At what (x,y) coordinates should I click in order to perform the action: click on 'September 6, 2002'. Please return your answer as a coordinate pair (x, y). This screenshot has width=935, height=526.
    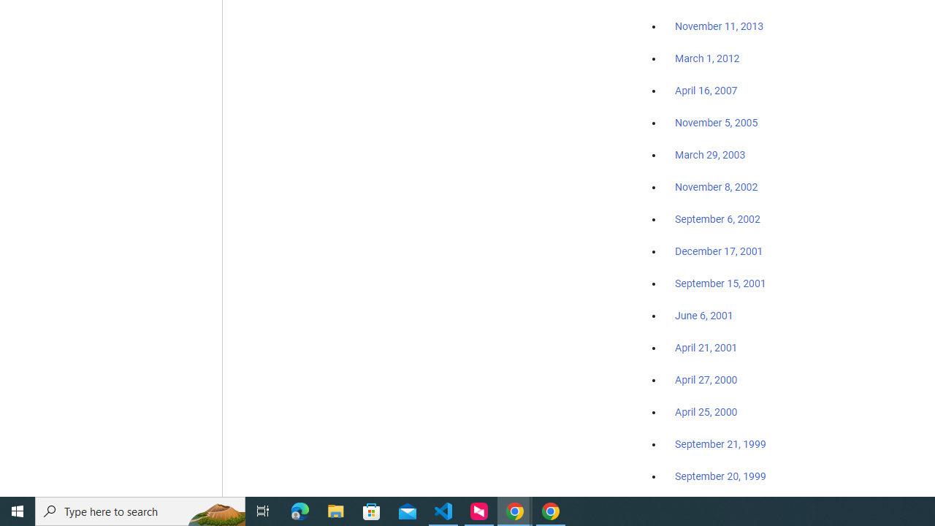
    Looking at the image, I should click on (717, 218).